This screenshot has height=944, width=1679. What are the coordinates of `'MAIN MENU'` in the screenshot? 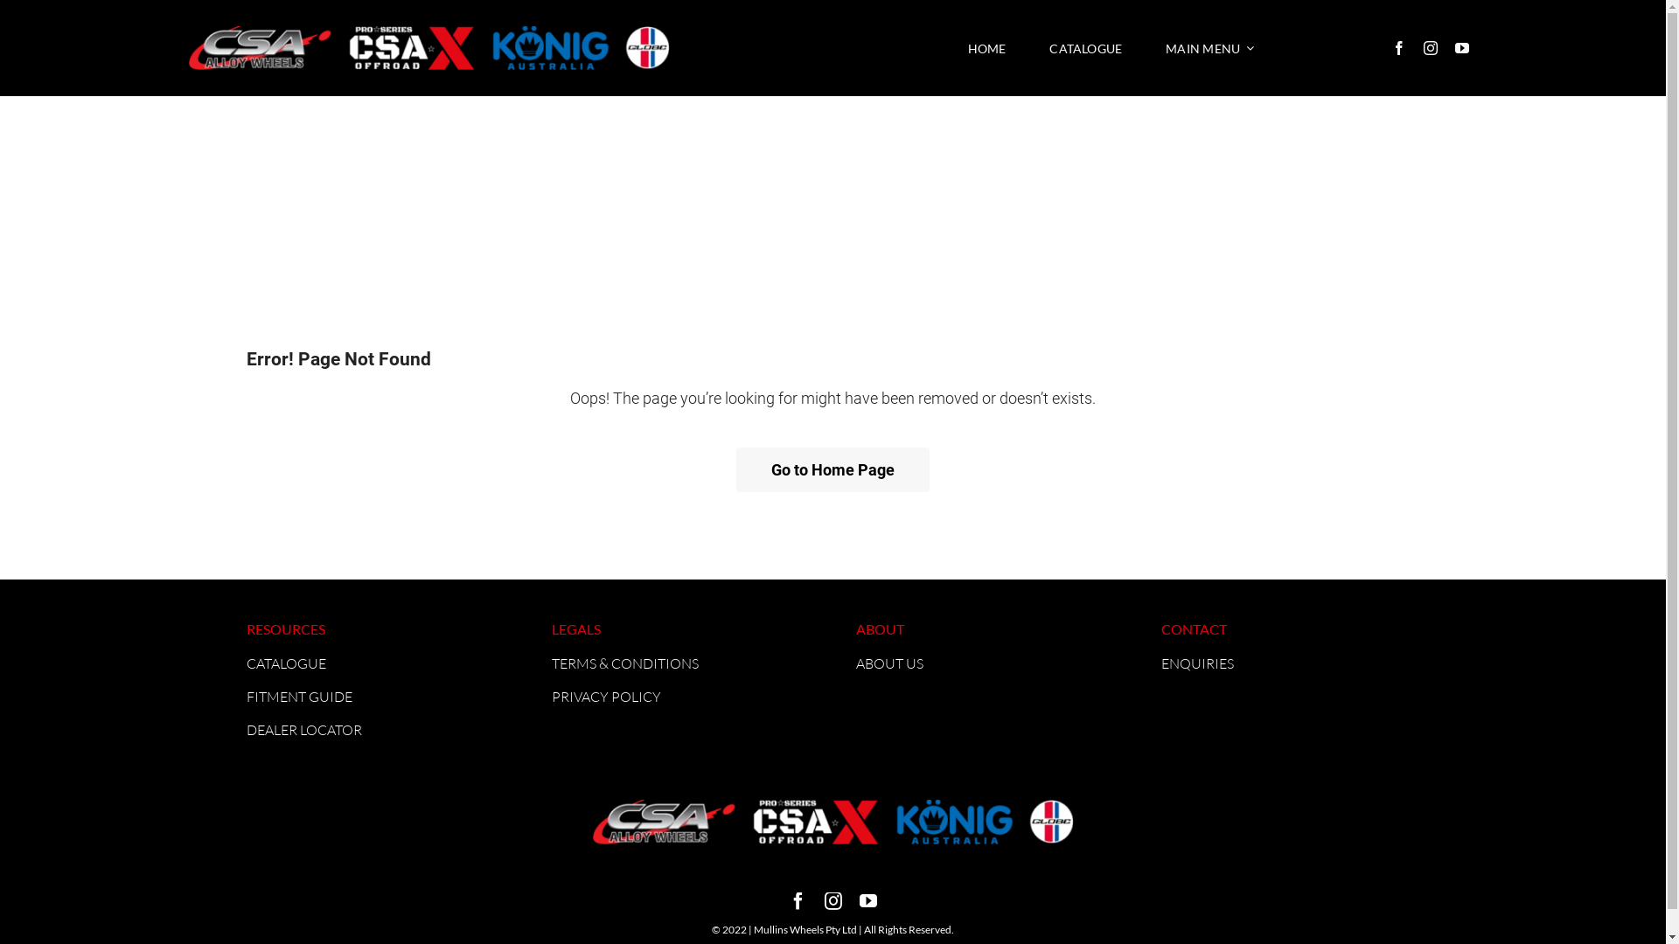 It's located at (1209, 47).